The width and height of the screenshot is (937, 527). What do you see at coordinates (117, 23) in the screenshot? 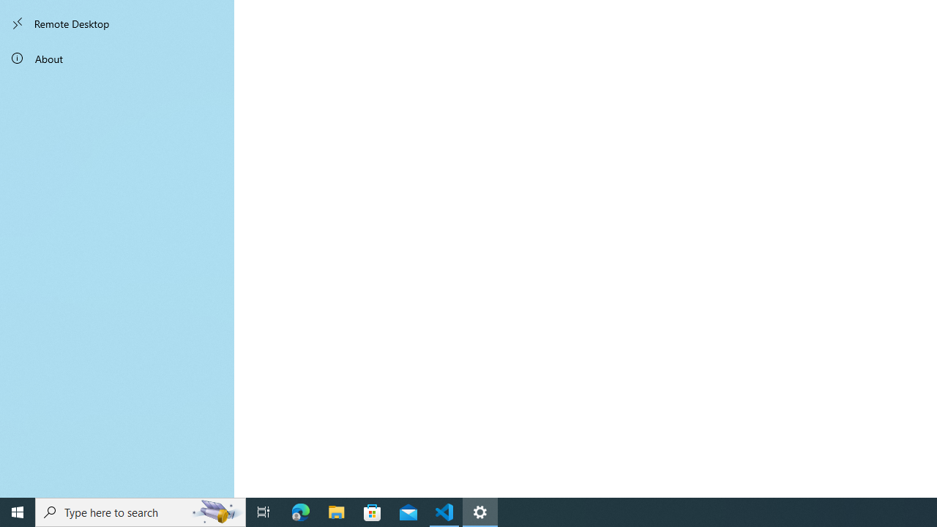
I see `'Remote Desktop'` at bounding box center [117, 23].